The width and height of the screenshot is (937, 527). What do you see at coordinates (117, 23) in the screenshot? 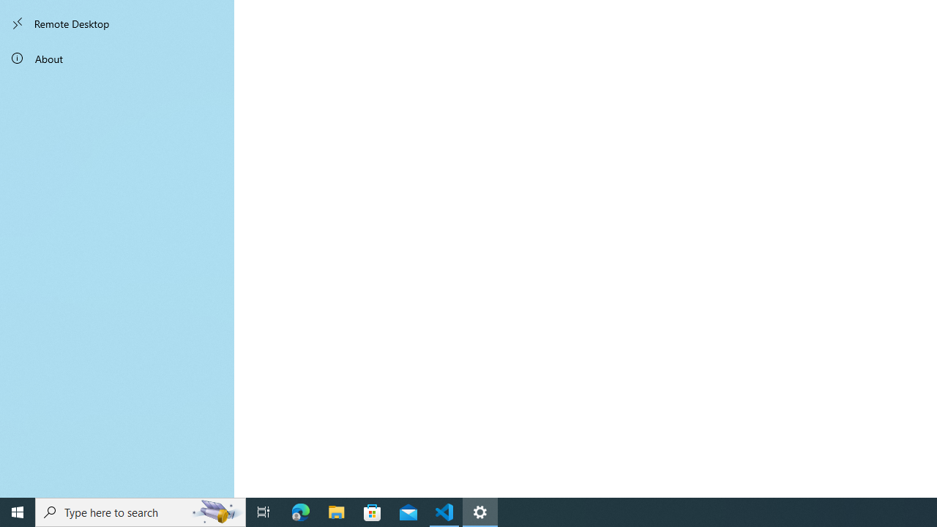
I see `'Remote Desktop'` at bounding box center [117, 23].